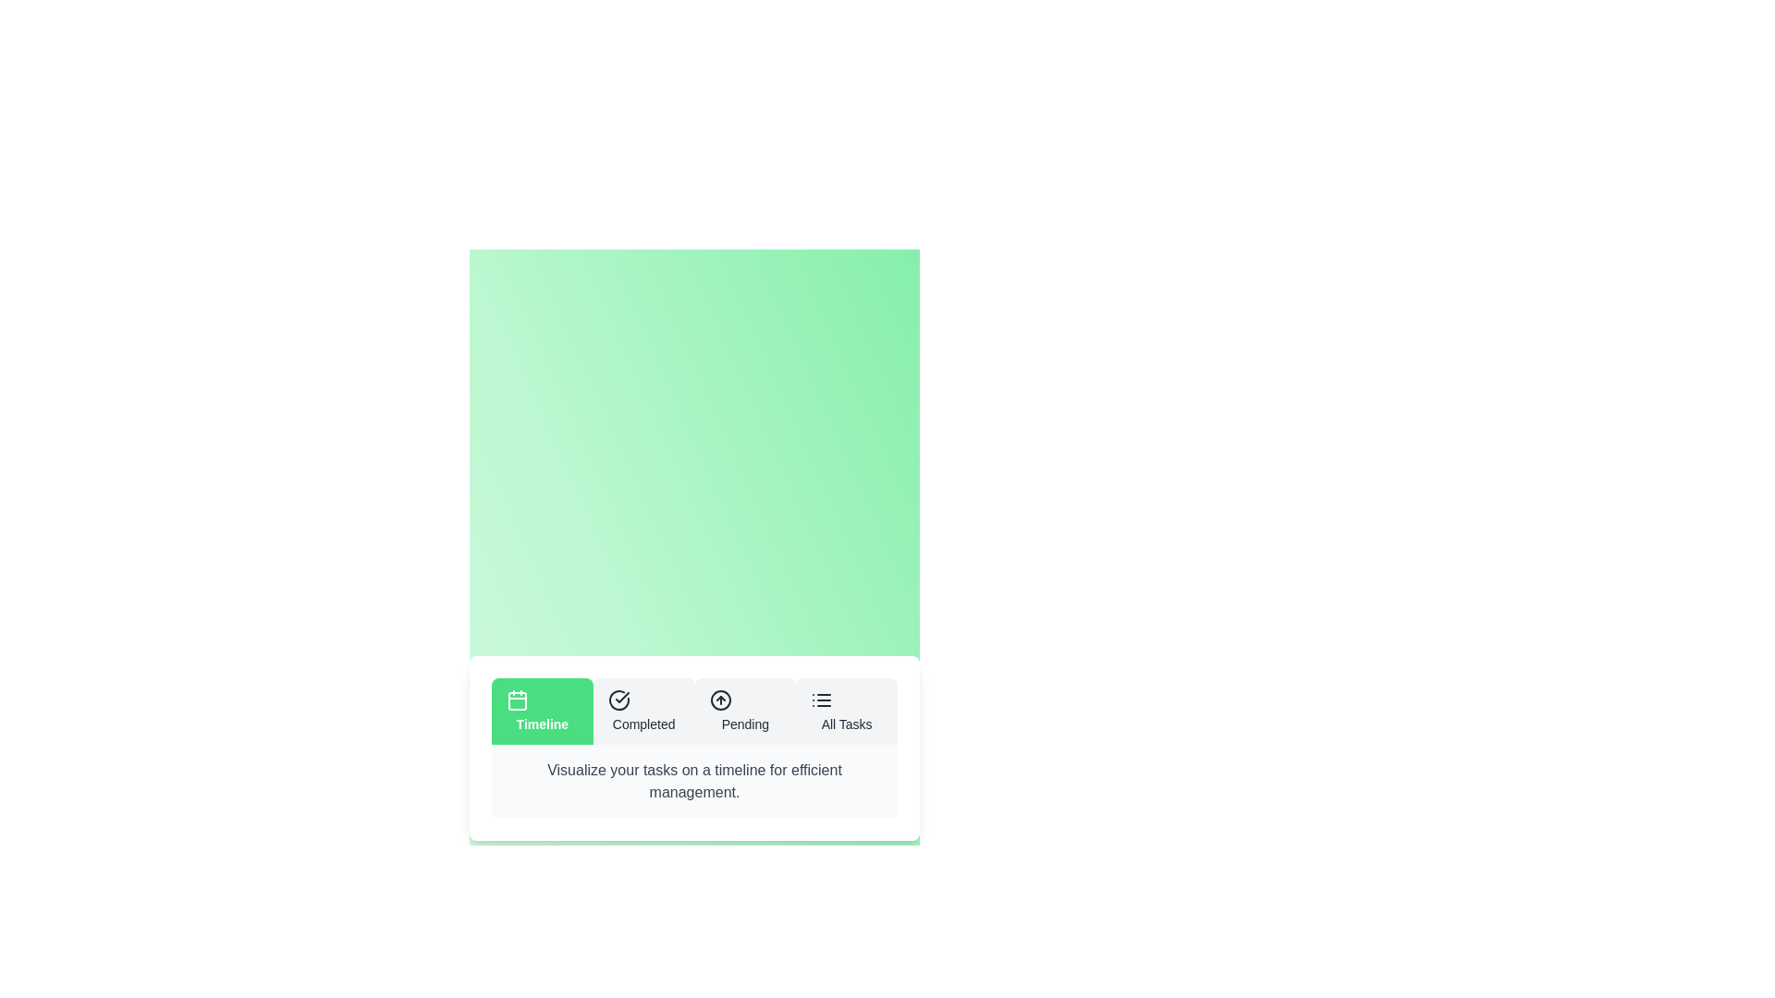  Describe the element at coordinates (846, 711) in the screenshot. I see `the All Tasks tab by clicking on the corresponding tab button` at that location.